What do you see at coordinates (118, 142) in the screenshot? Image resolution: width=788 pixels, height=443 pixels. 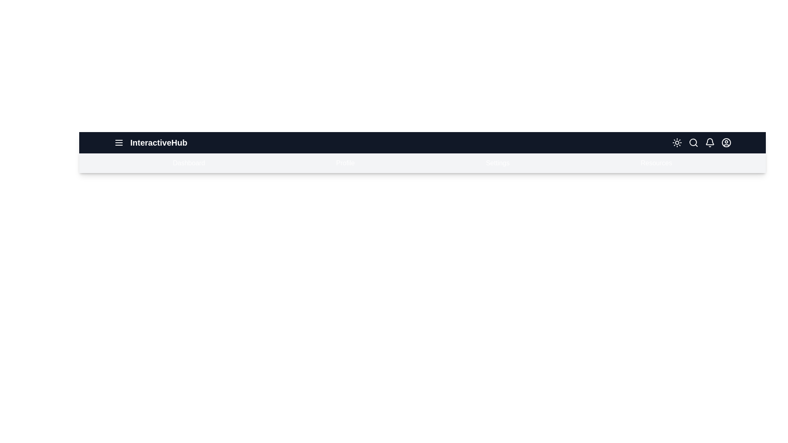 I see `the menu icon to toggle the menu visibility` at bounding box center [118, 142].